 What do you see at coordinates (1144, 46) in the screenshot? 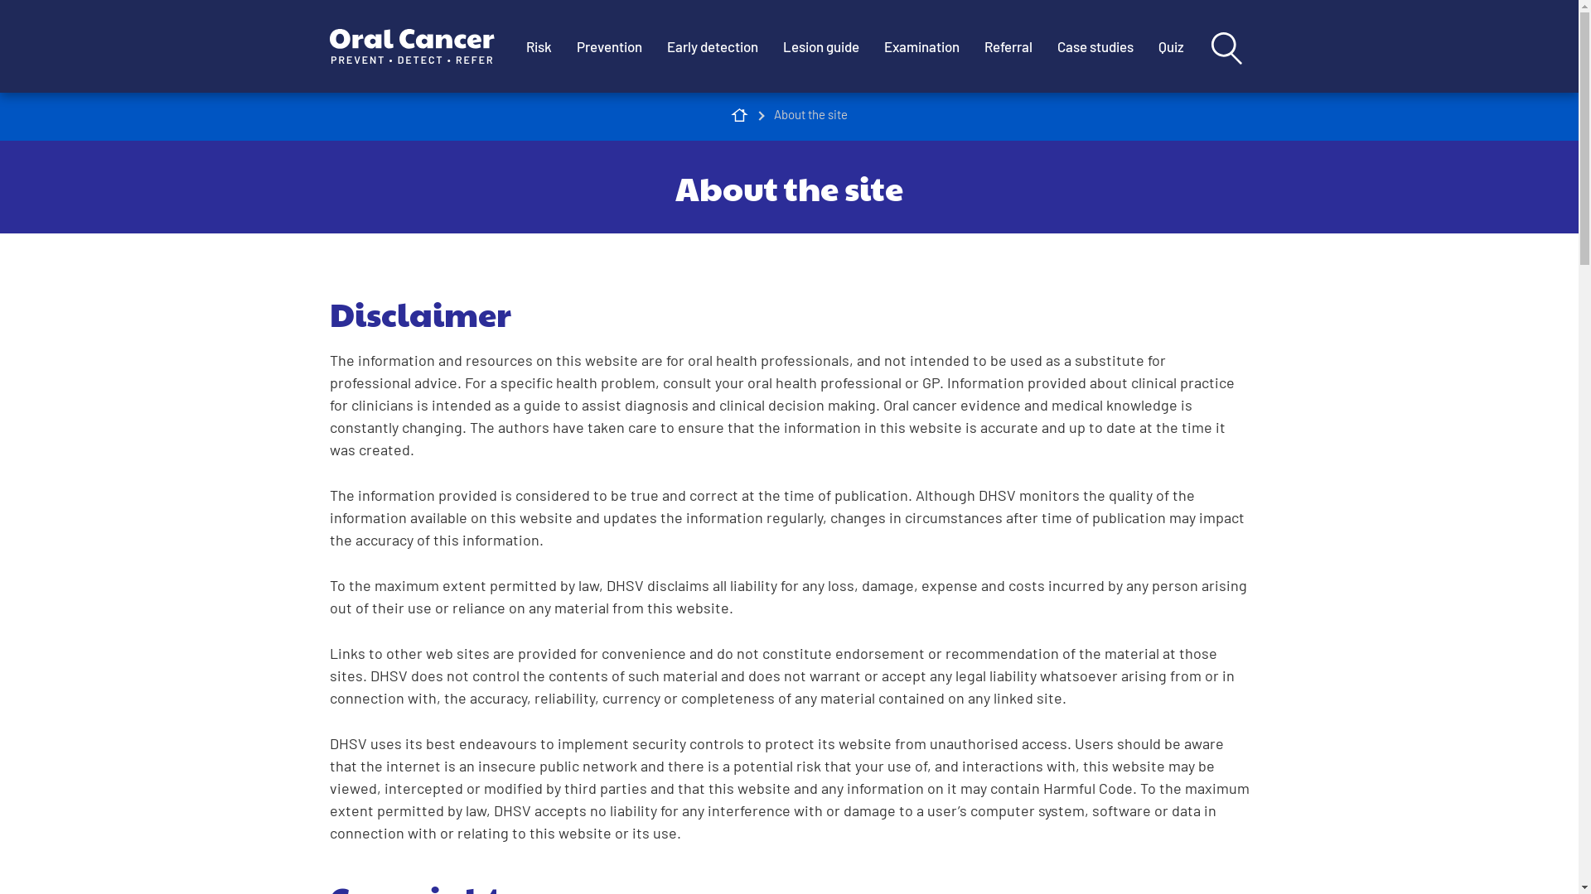
I see `'Quiz'` at bounding box center [1144, 46].